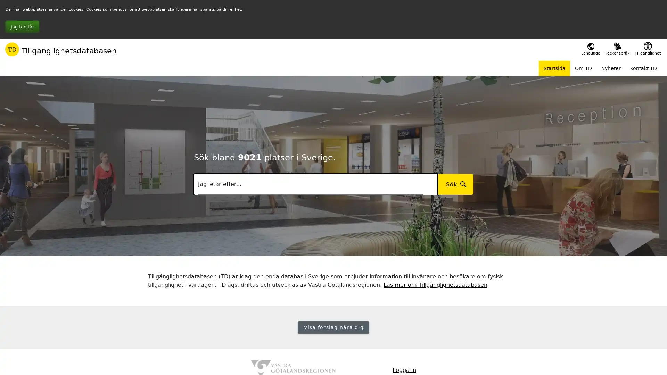 The height and width of the screenshot is (375, 667). What do you see at coordinates (455, 184) in the screenshot?
I see `Sok` at bounding box center [455, 184].